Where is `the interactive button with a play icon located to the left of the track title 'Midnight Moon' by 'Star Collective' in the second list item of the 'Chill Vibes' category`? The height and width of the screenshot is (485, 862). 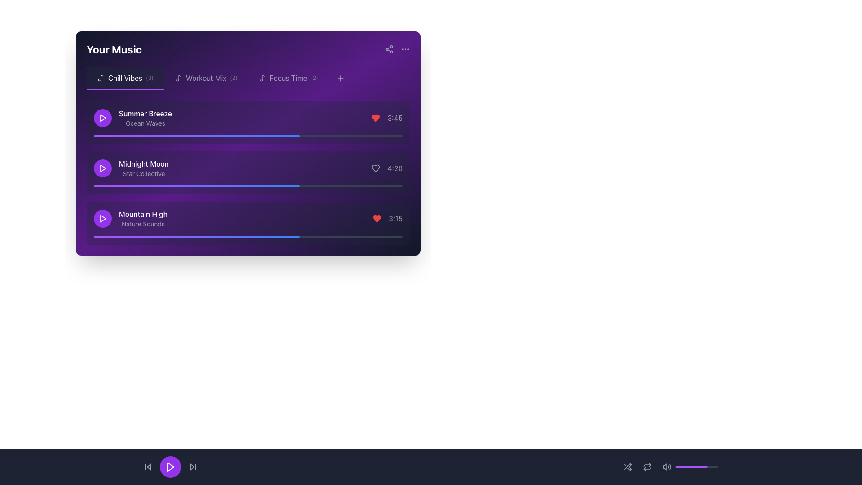
the interactive button with a play icon located to the left of the track title 'Midnight Moon' by 'Star Collective' in the second list item of the 'Chill Vibes' category is located at coordinates (103, 168).